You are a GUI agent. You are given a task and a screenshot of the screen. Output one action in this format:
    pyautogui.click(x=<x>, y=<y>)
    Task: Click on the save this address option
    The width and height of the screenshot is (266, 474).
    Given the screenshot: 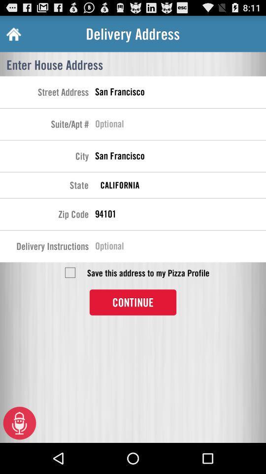 What is the action you would take?
    pyautogui.click(x=69, y=273)
    